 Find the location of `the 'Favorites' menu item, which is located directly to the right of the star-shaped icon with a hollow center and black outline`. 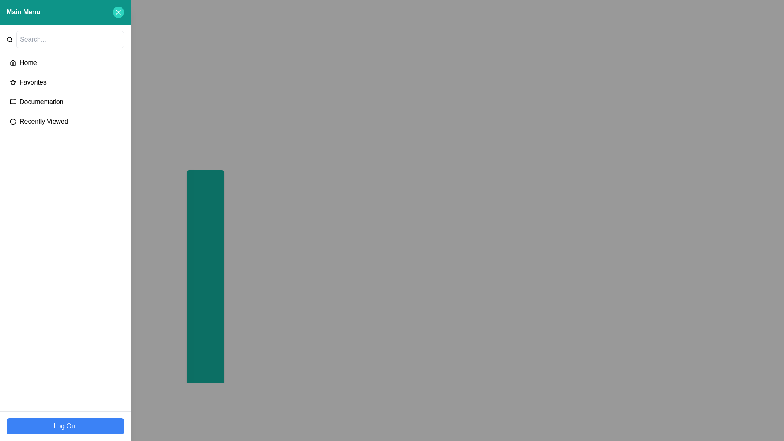

the 'Favorites' menu item, which is located directly to the right of the star-shaped icon with a hollow center and black outline is located at coordinates (13, 82).